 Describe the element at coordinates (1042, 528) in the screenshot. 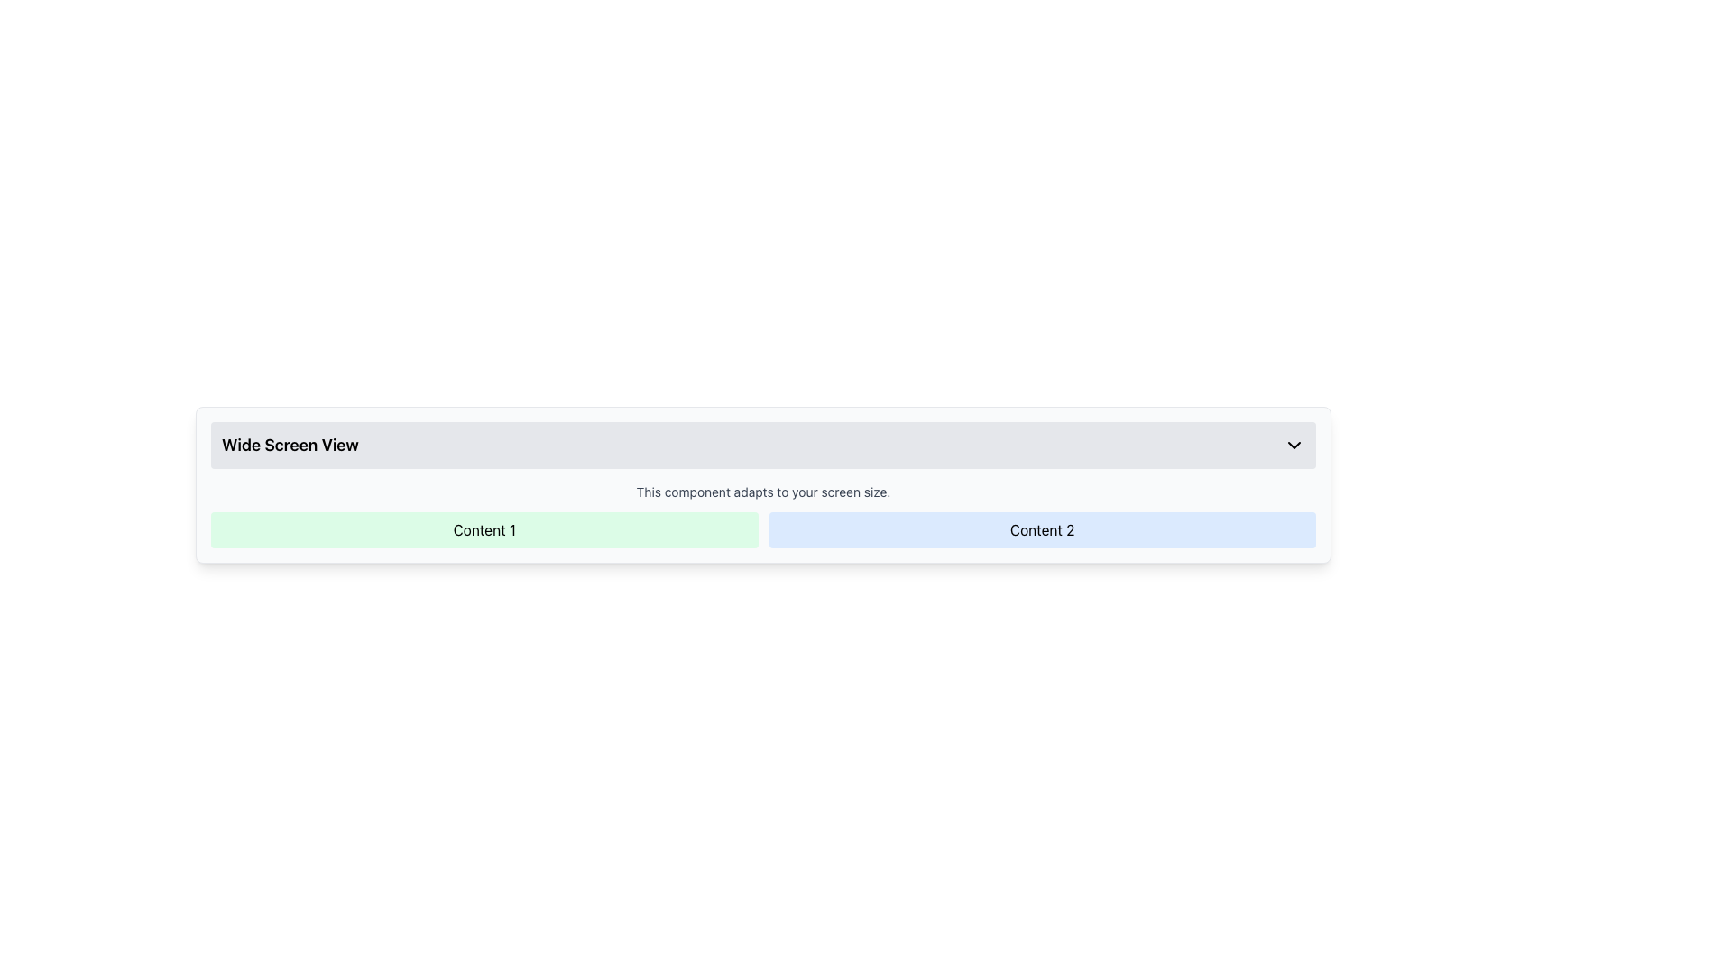

I see `the rectangular block with a light blue background containing the bold text 'Content 2', which is the second item in a two-column grid layout` at that location.